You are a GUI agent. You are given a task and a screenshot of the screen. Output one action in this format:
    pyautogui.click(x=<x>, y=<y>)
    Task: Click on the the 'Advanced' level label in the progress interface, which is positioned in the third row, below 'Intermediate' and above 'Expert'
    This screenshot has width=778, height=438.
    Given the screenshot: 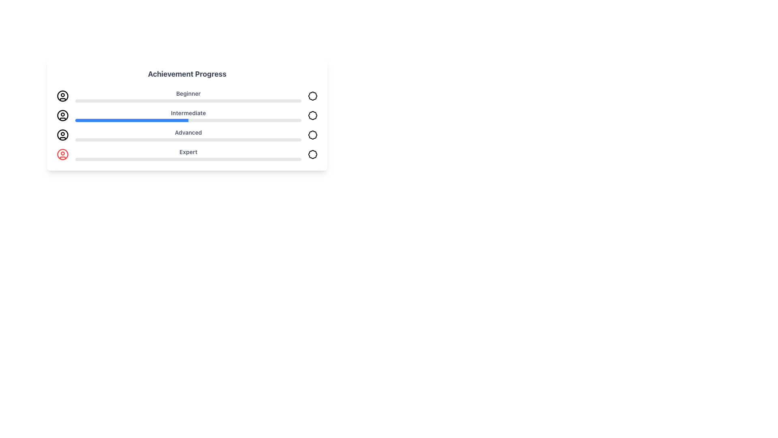 What is the action you would take?
    pyautogui.click(x=188, y=132)
    